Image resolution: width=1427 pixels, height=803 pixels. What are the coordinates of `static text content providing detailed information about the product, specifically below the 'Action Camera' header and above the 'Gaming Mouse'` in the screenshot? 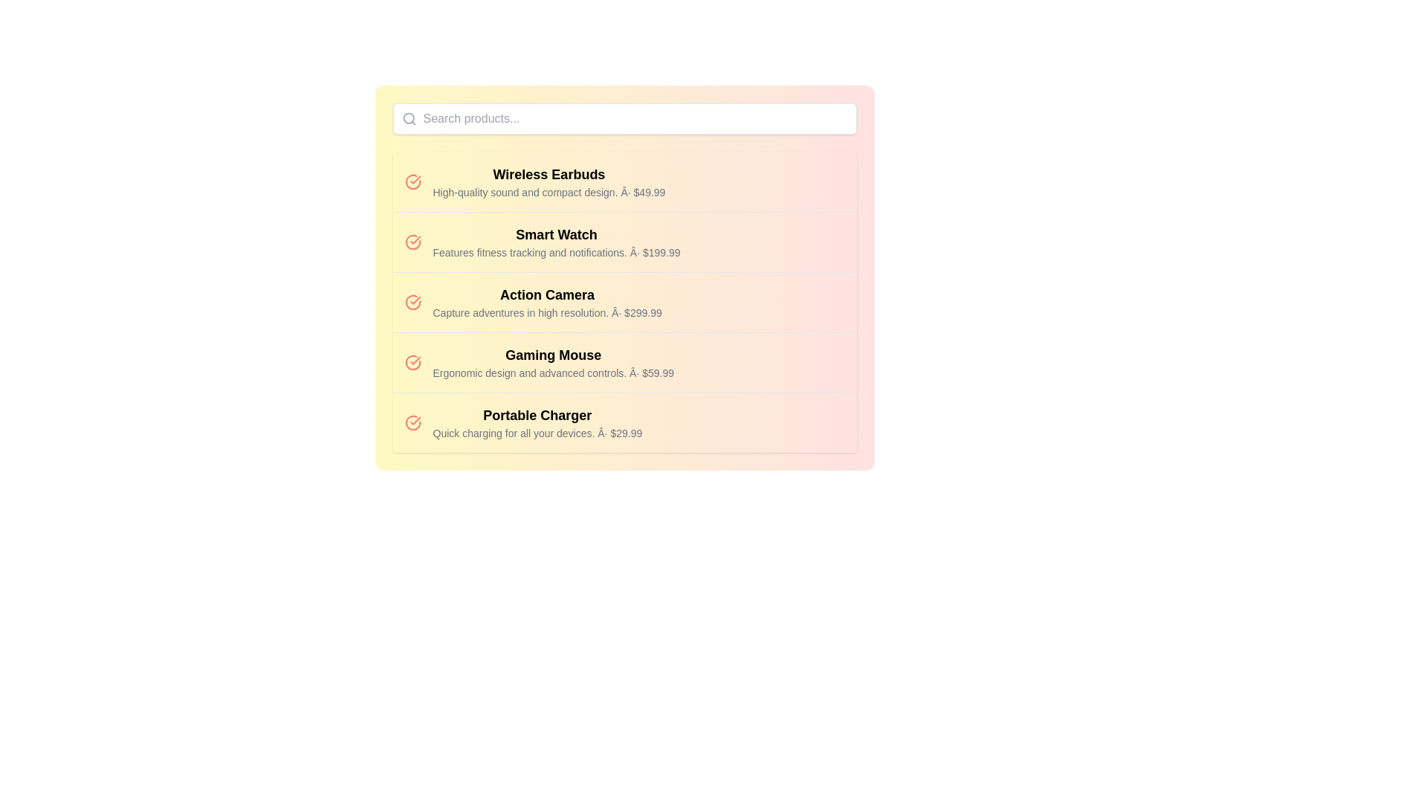 It's located at (546, 312).